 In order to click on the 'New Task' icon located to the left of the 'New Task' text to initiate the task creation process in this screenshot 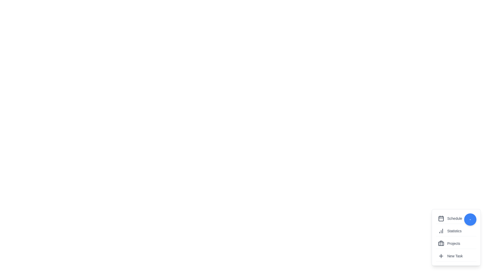, I will do `click(441, 256)`.